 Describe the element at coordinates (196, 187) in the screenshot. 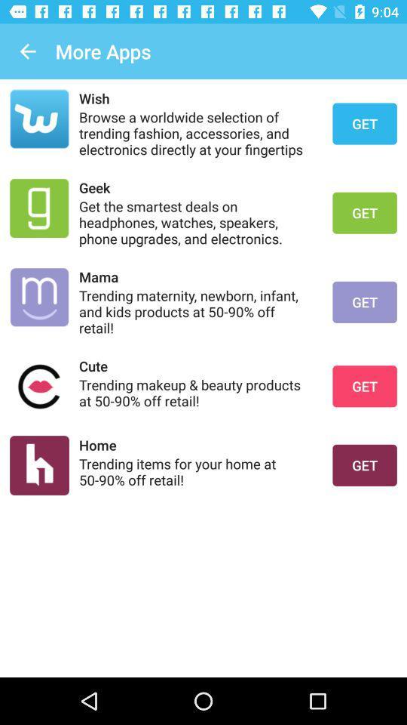

I see `item above get the smartest` at that location.